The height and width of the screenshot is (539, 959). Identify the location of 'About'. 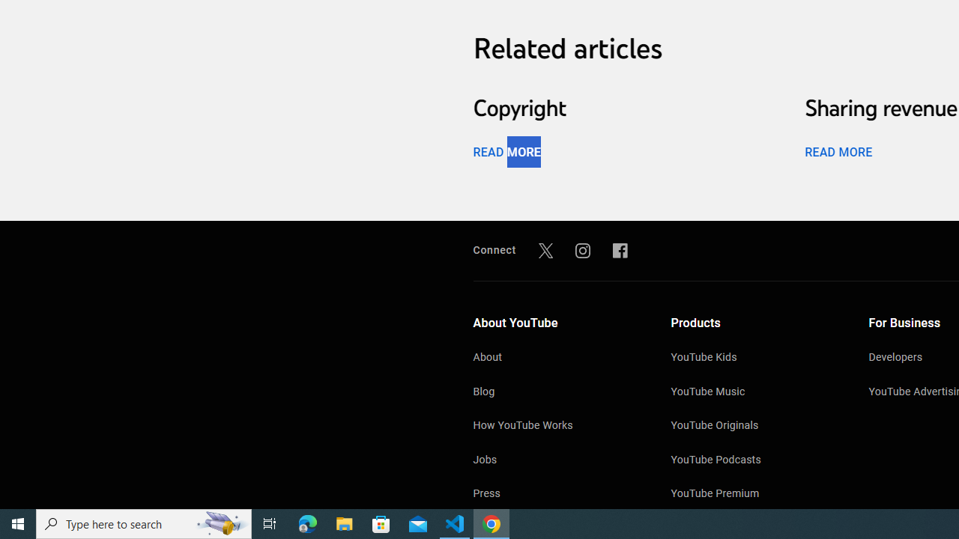
(556, 359).